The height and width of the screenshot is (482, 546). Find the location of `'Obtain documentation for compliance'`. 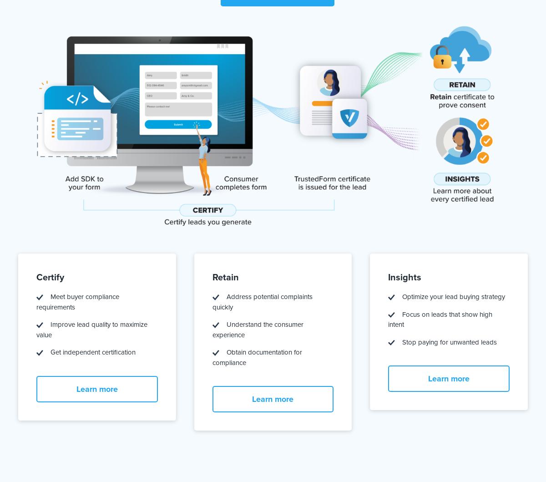

'Obtain documentation for compliance' is located at coordinates (256, 357).